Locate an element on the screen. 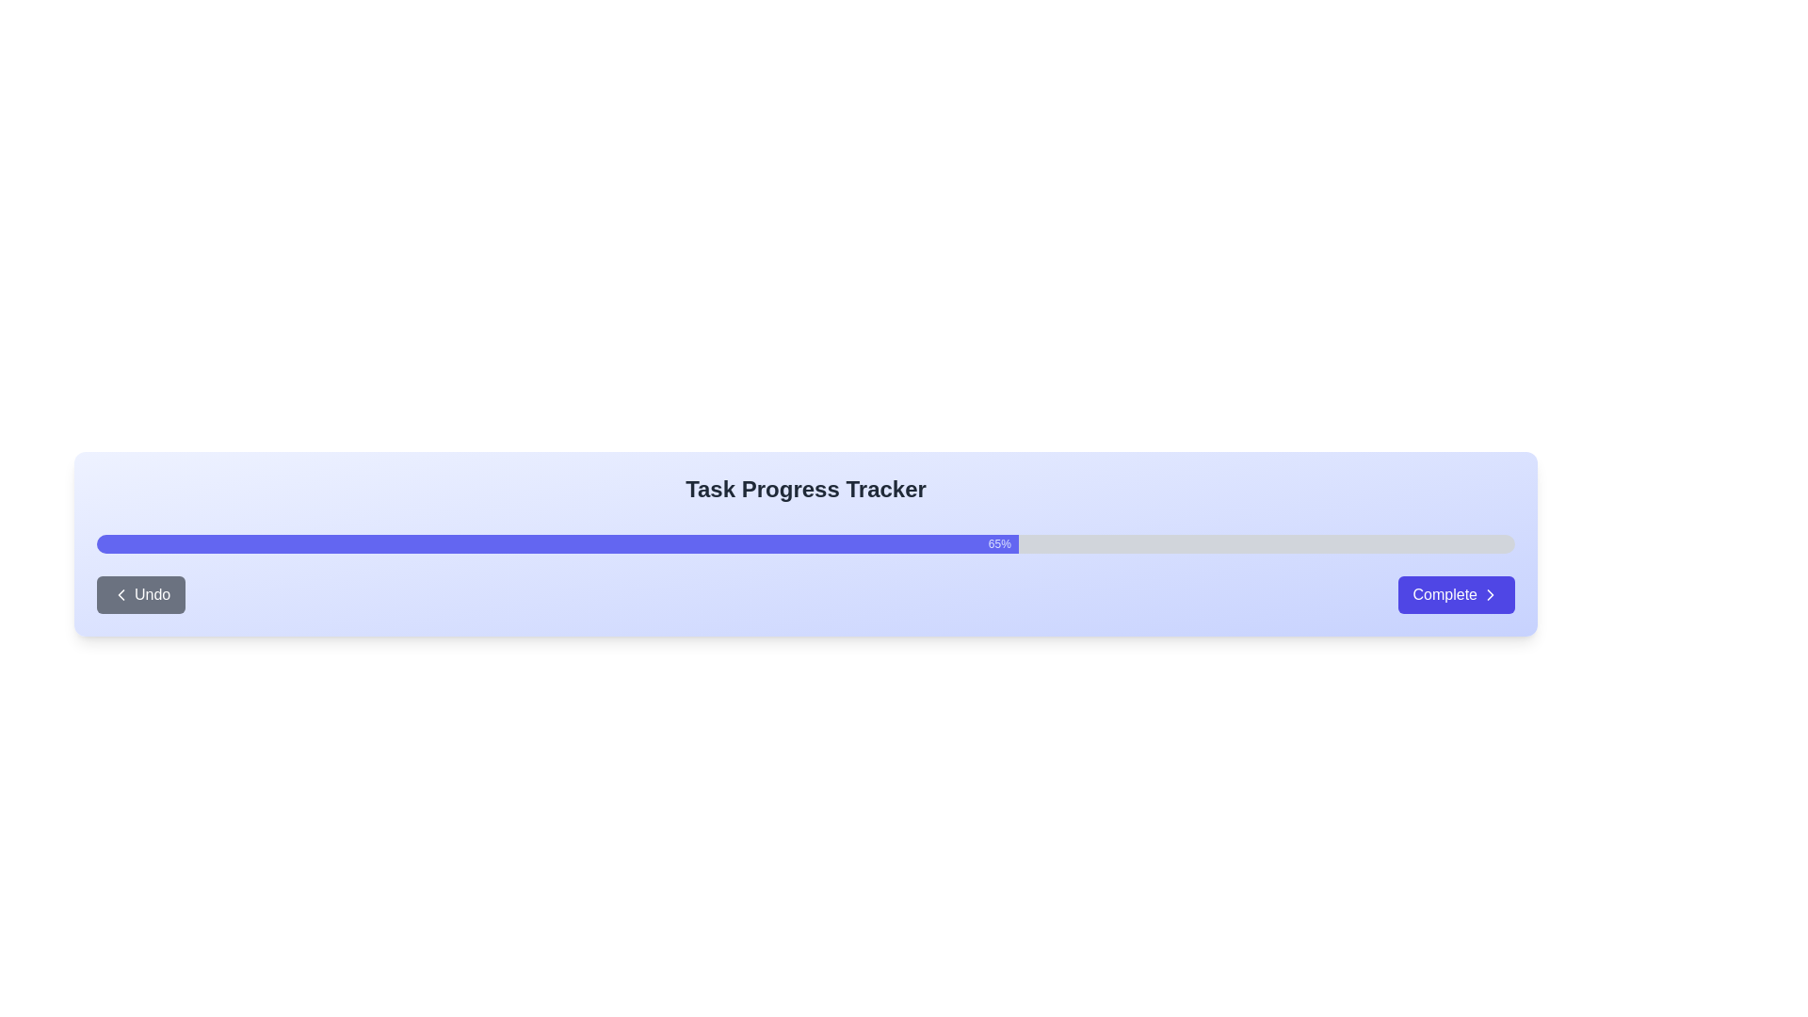 The image size is (1808, 1017). the 'Complete' button, which is a bright indigo button with a rounded rectangular shape and a white label is located at coordinates (1455, 595).